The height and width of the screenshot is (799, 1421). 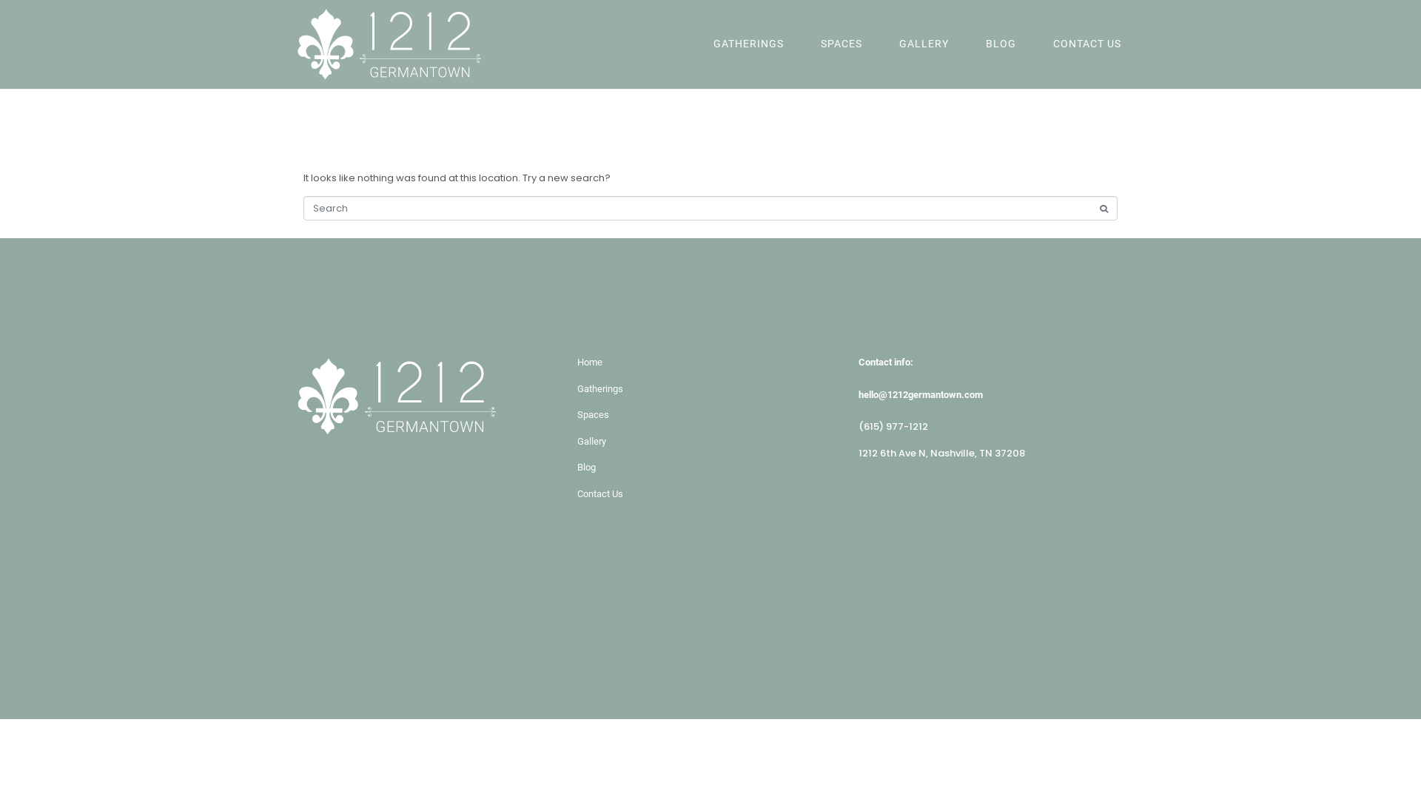 I want to click on 'Blog', so click(x=576, y=468).